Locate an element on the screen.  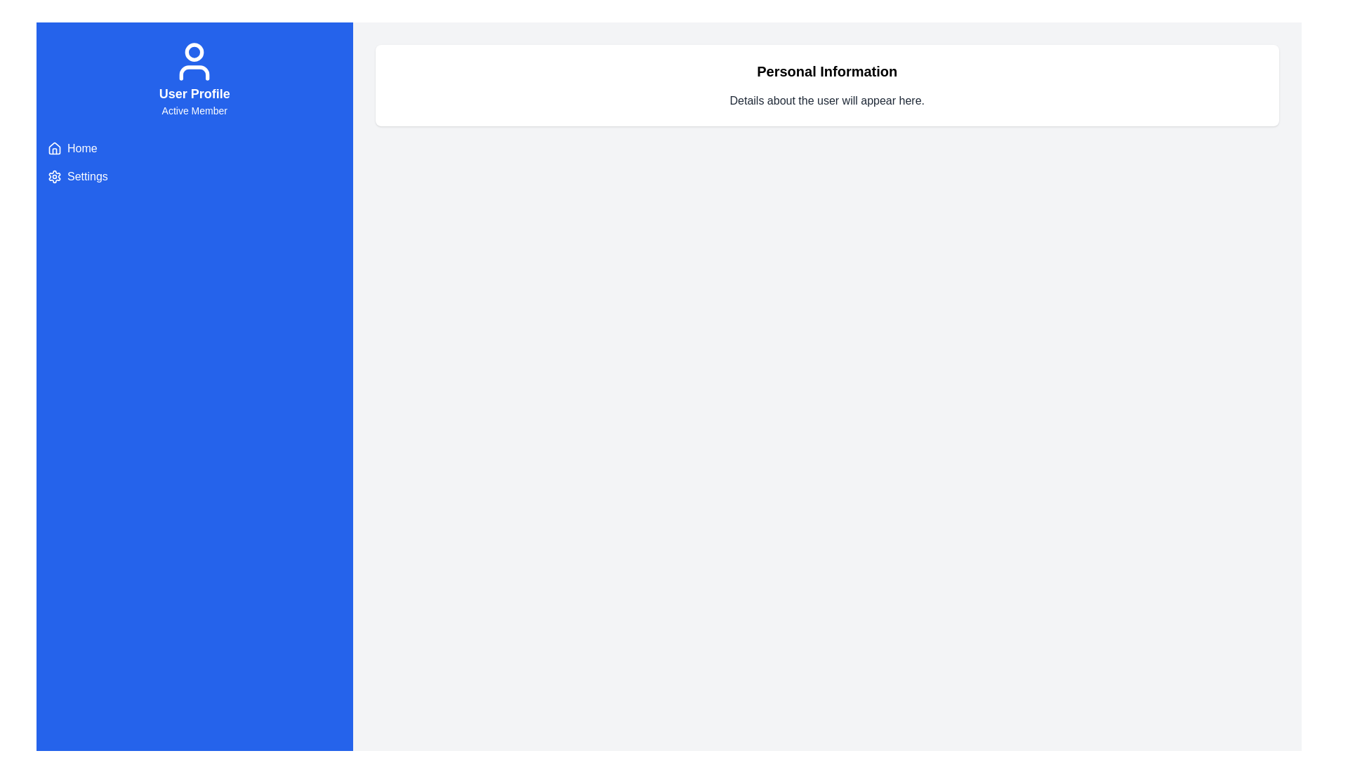
the small filled circular element located at the upper part of the user profile icon, which is centered horizontally and positioned just below the top boundary of the icon is located at coordinates (194, 51).